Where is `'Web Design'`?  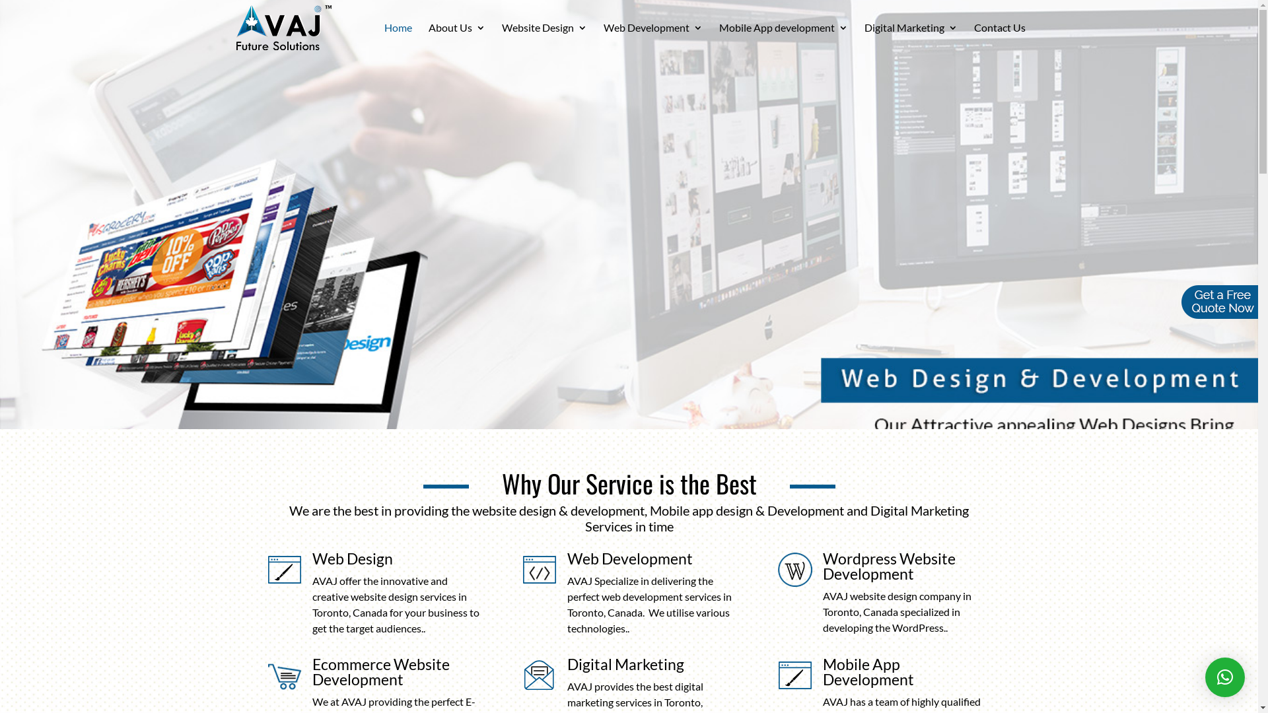 'Web Design' is located at coordinates (310, 558).